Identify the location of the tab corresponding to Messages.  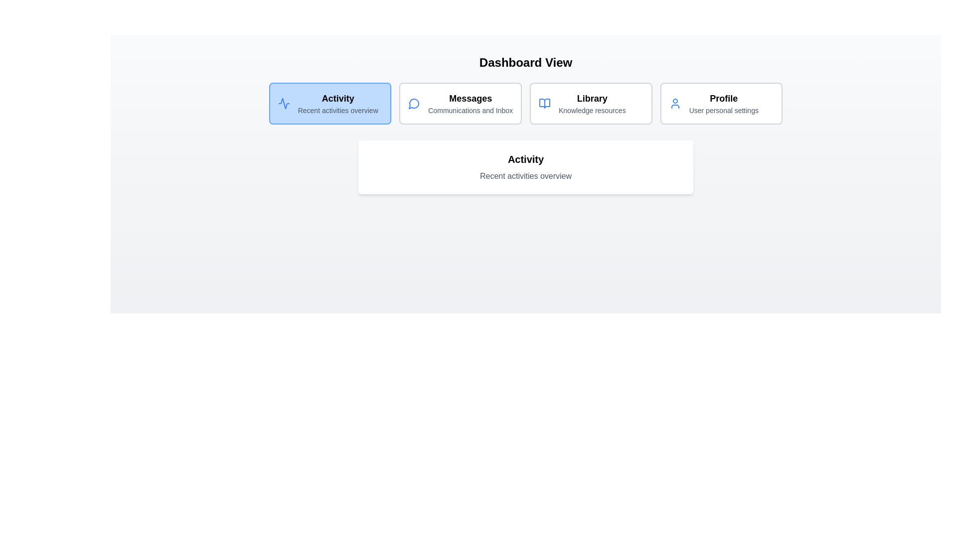
(460, 104).